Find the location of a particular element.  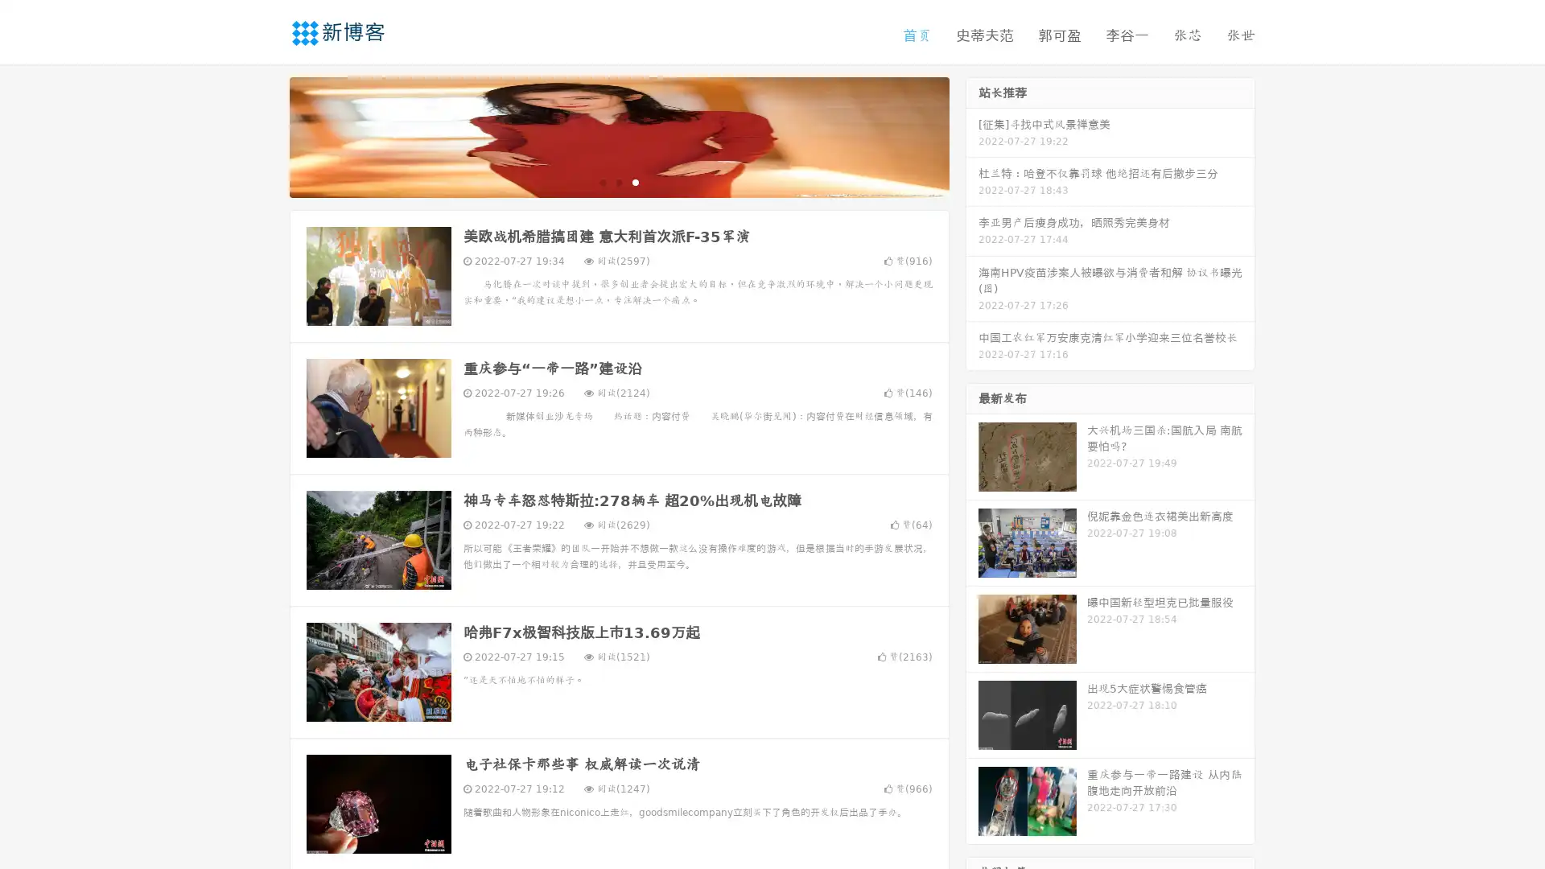

Previous slide is located at coordinates (266, 135).